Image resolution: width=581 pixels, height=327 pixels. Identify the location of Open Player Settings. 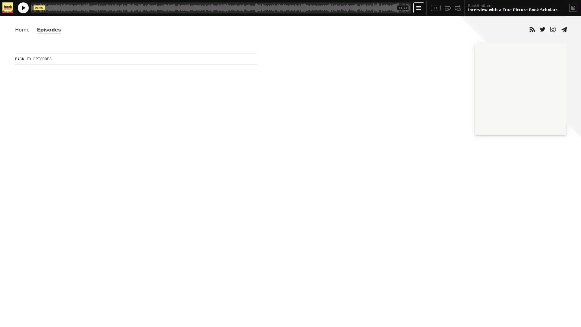
(418, 8).